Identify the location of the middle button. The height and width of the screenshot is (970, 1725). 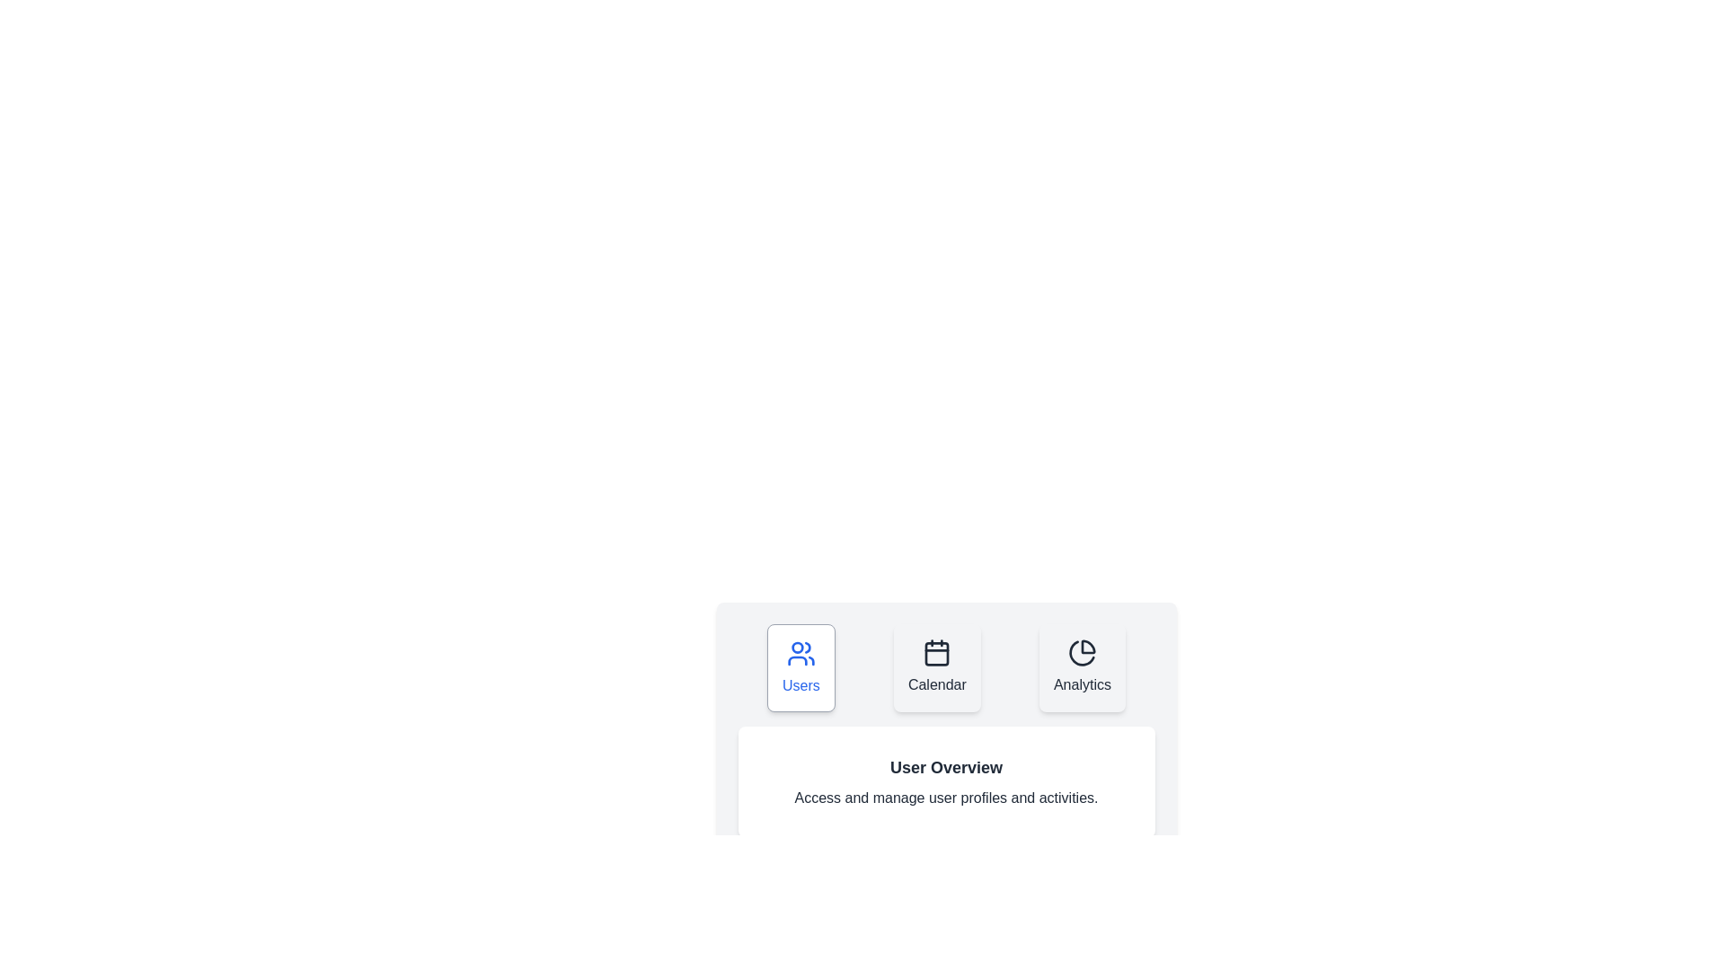
(936, 668).